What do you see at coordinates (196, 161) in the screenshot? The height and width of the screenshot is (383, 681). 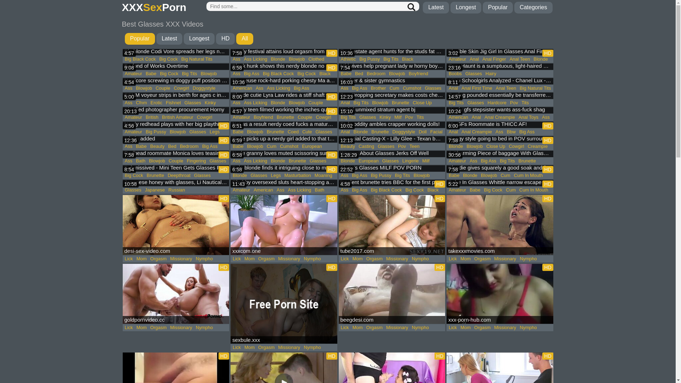 I see `'Fingering'` at bounding box center [196, 161].